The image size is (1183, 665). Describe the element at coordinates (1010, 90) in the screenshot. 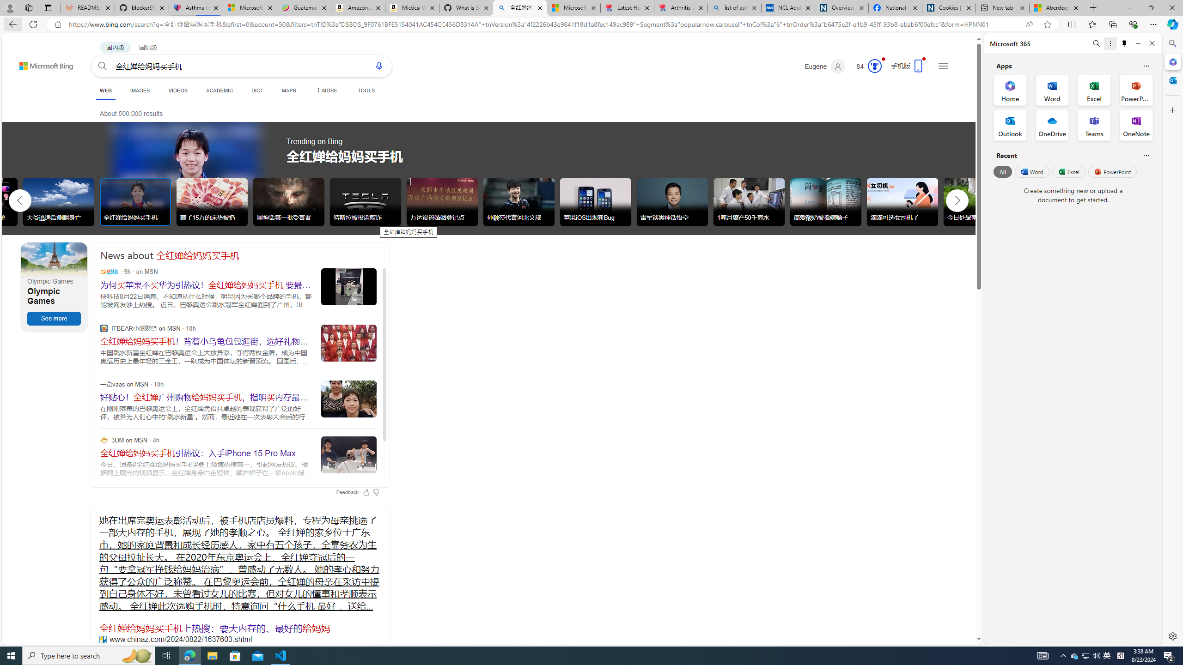

I see `'Home Office App'` at that location.